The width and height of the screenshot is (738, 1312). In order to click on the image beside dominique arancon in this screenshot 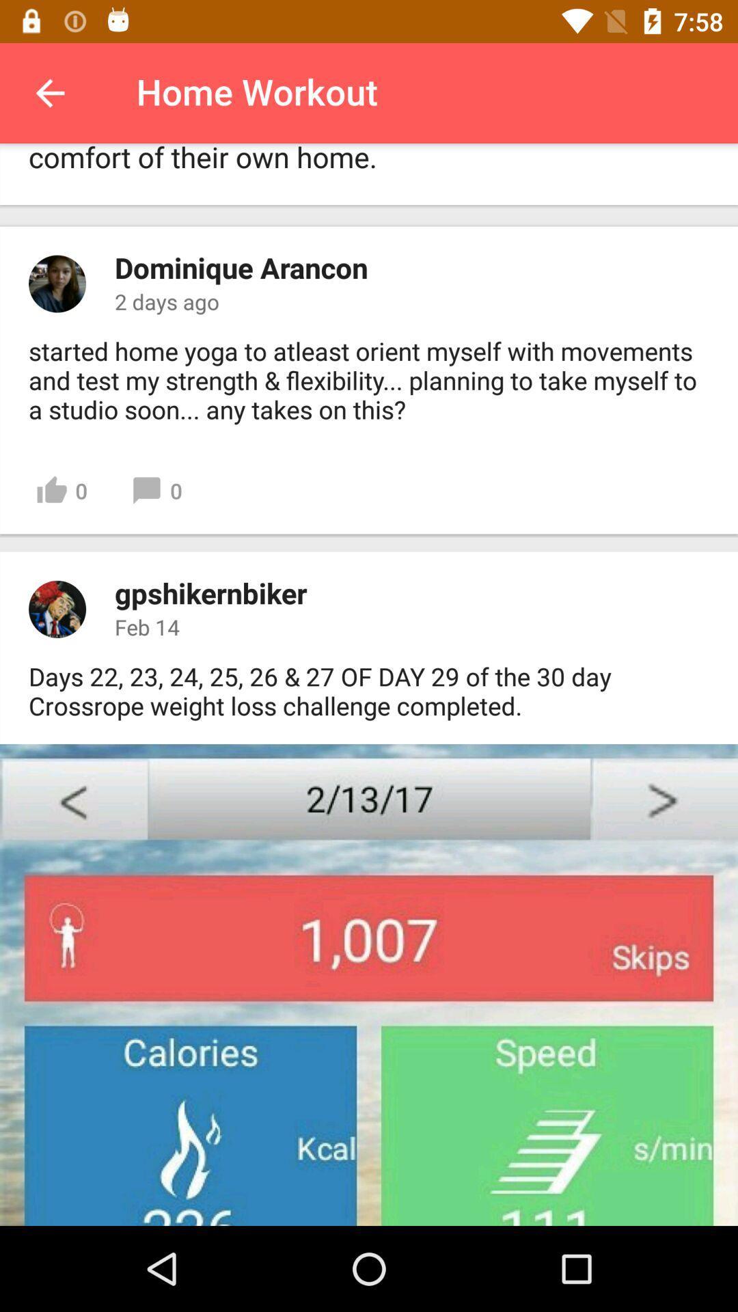, I will do `click(57, 284)`.